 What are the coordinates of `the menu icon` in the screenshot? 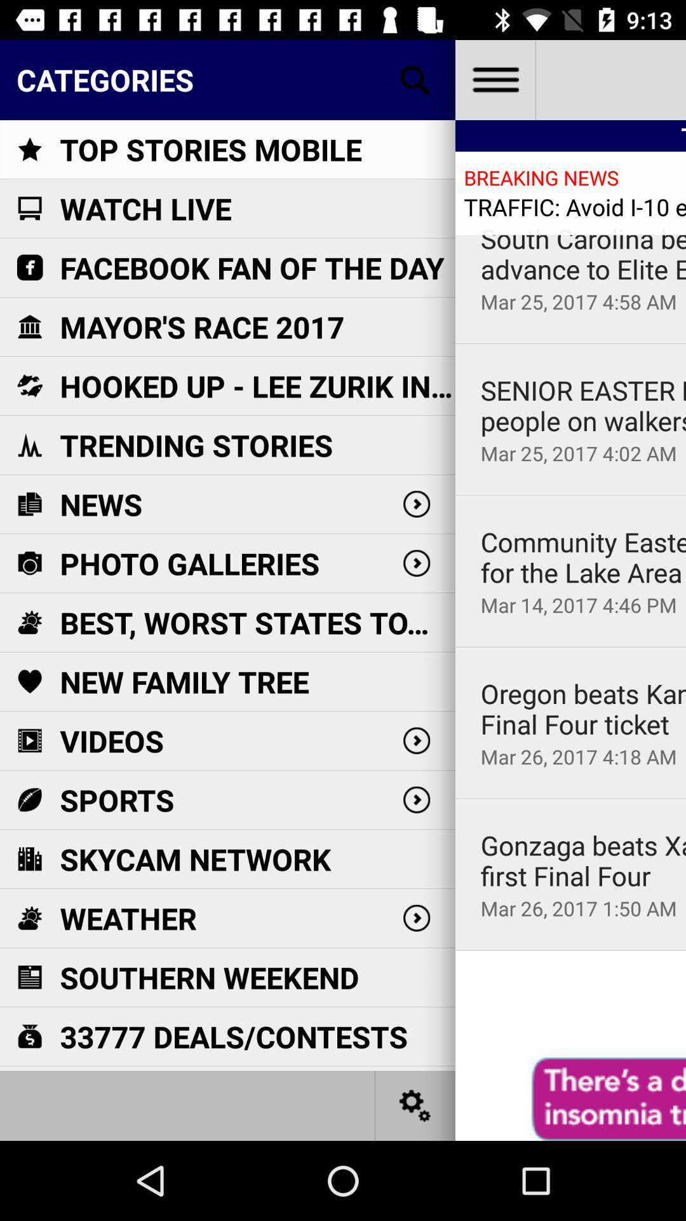 It's located at (494, 79).